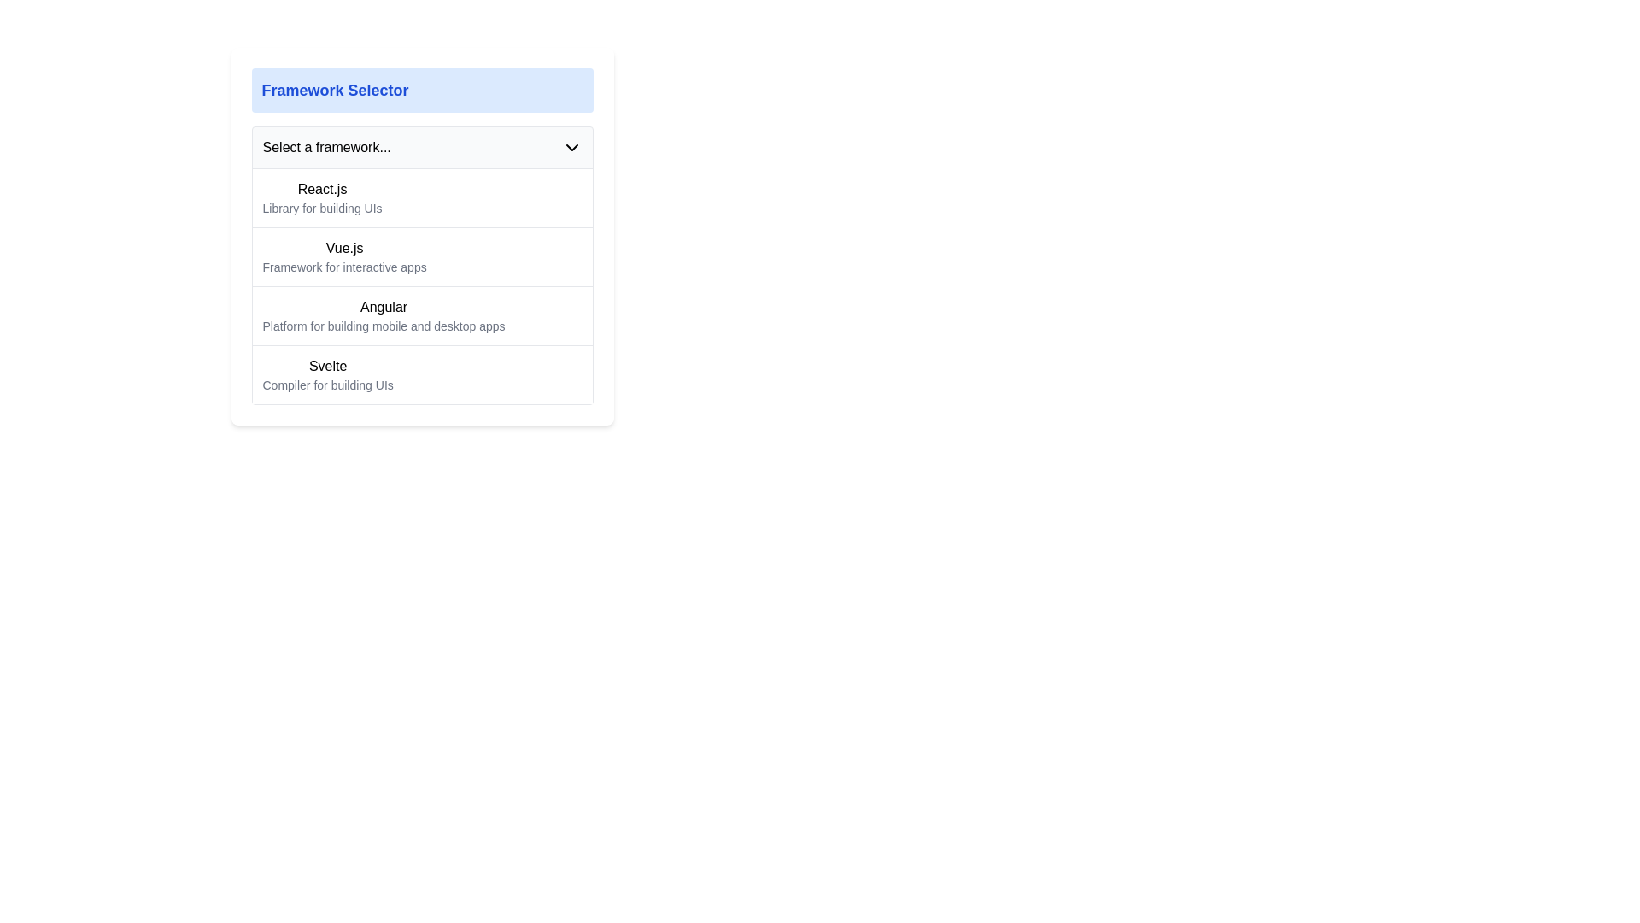 The height and width of the screenshot is (923, 1640). I want to click on the second item in the 'Framework Selector' dropdown menu, so click(422, 256).